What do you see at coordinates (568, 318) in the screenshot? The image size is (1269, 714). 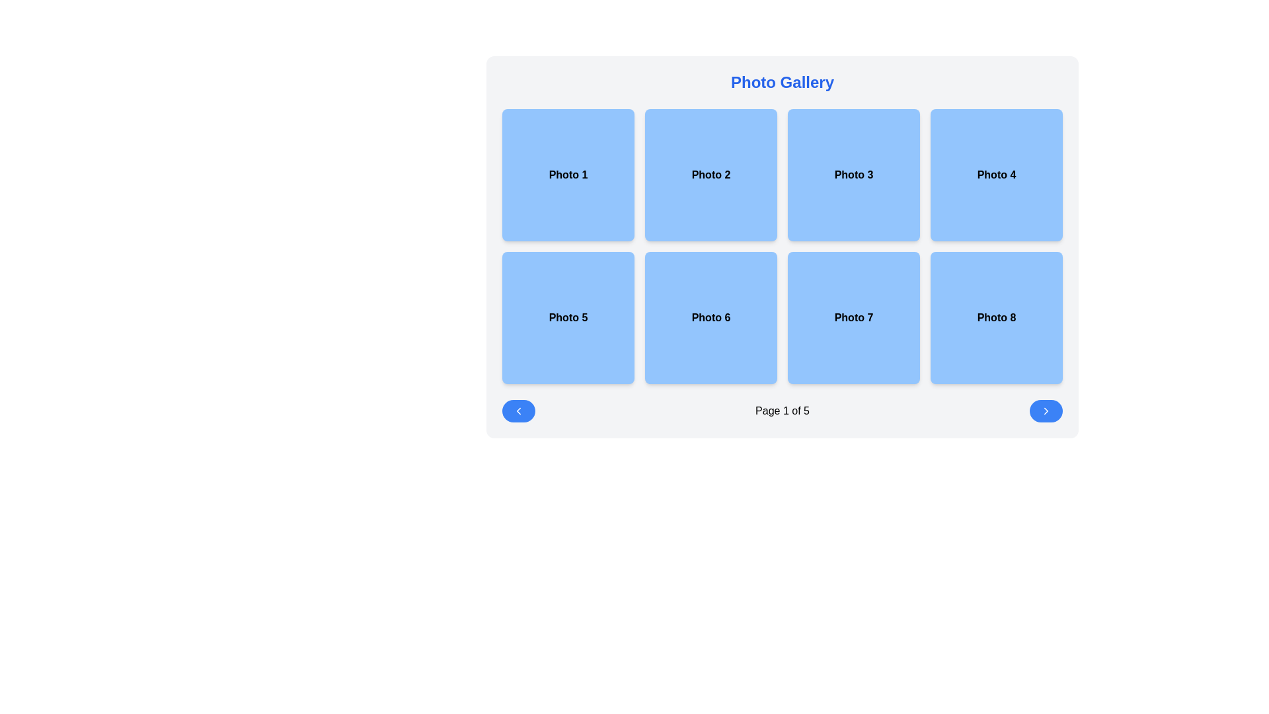 I see `the interactive tile labeled 'Photo 5' located in the second row, first column of the grid in the 'Photo Gallery' section to potentially see additional information` at bounding box center [568, 318].